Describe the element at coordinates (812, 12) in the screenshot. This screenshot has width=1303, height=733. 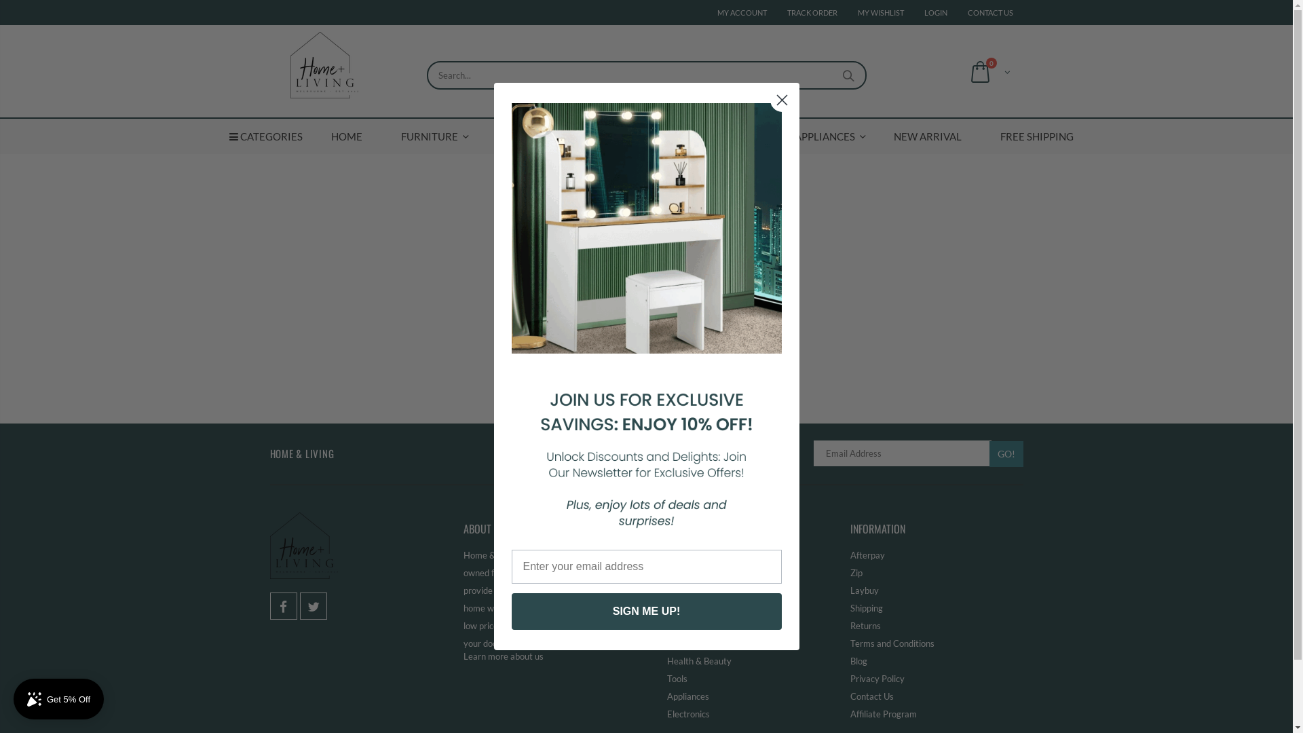
I see `'TRACK ORDER'` at that location.